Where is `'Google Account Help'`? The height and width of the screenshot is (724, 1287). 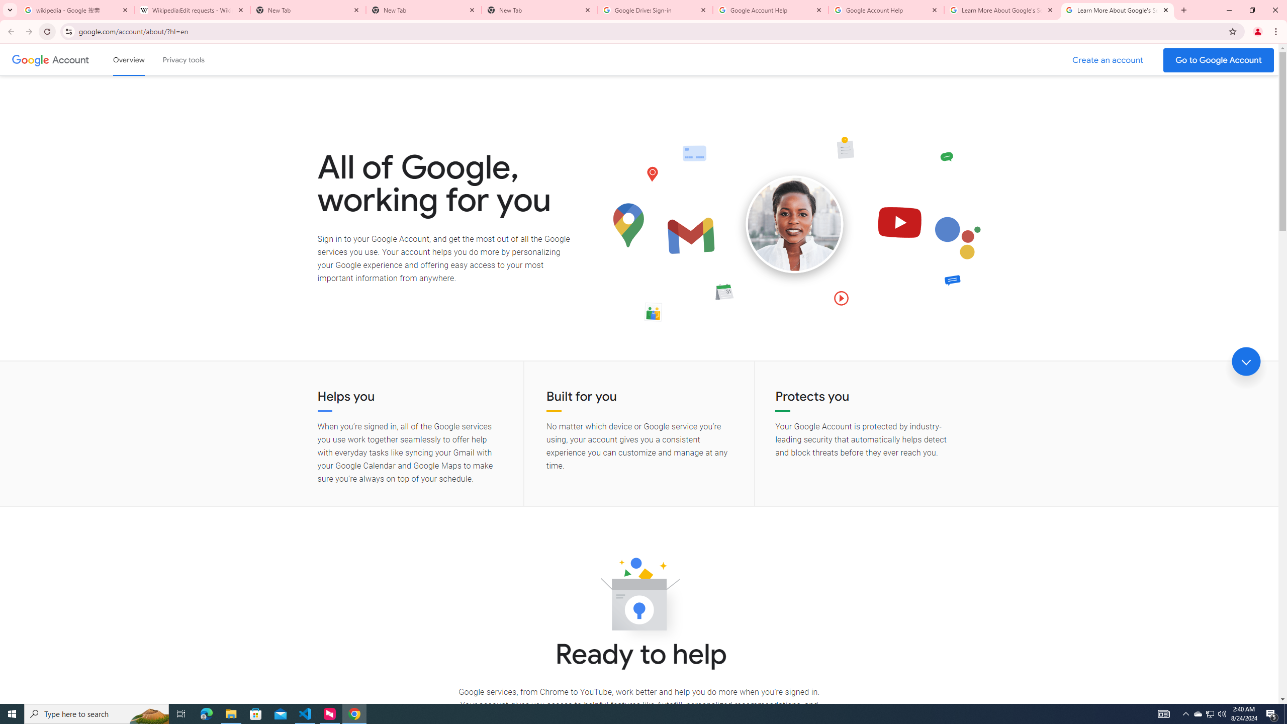
'Google Account Help' is located at coordinates (885, 10).